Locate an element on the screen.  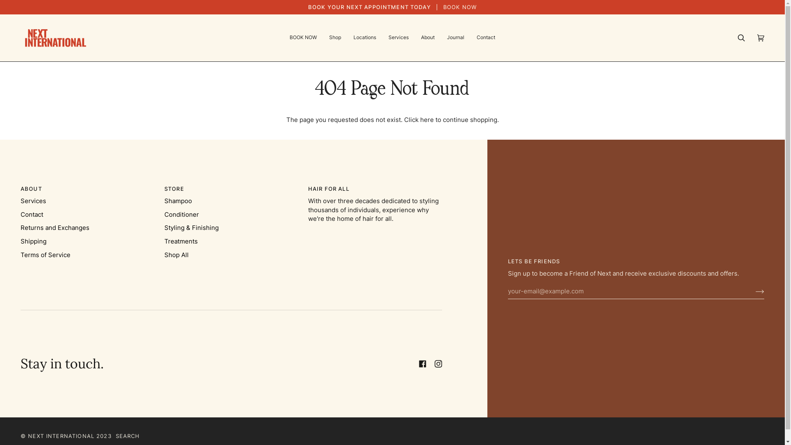
'SEARCH' is located at coordinates (115, 436).